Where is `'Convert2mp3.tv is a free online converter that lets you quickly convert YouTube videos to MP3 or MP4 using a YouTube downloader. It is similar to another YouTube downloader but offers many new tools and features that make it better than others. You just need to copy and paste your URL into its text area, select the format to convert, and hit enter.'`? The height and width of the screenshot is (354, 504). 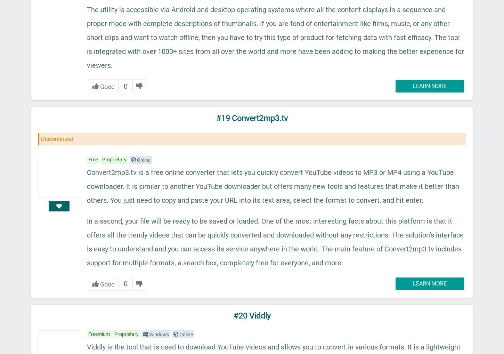
'Convert2mp3.tv is a free online converter that lets you quickly convert YouTube videos to MP3 or MP4 using a YouTube downloader. It is similar to another YouTube downloader but offers many new tools and features that make it better than others. You just need to copy and paste your URL into its text area, select the format to convert, and hit enter.' is located at coordinates (273, 185).